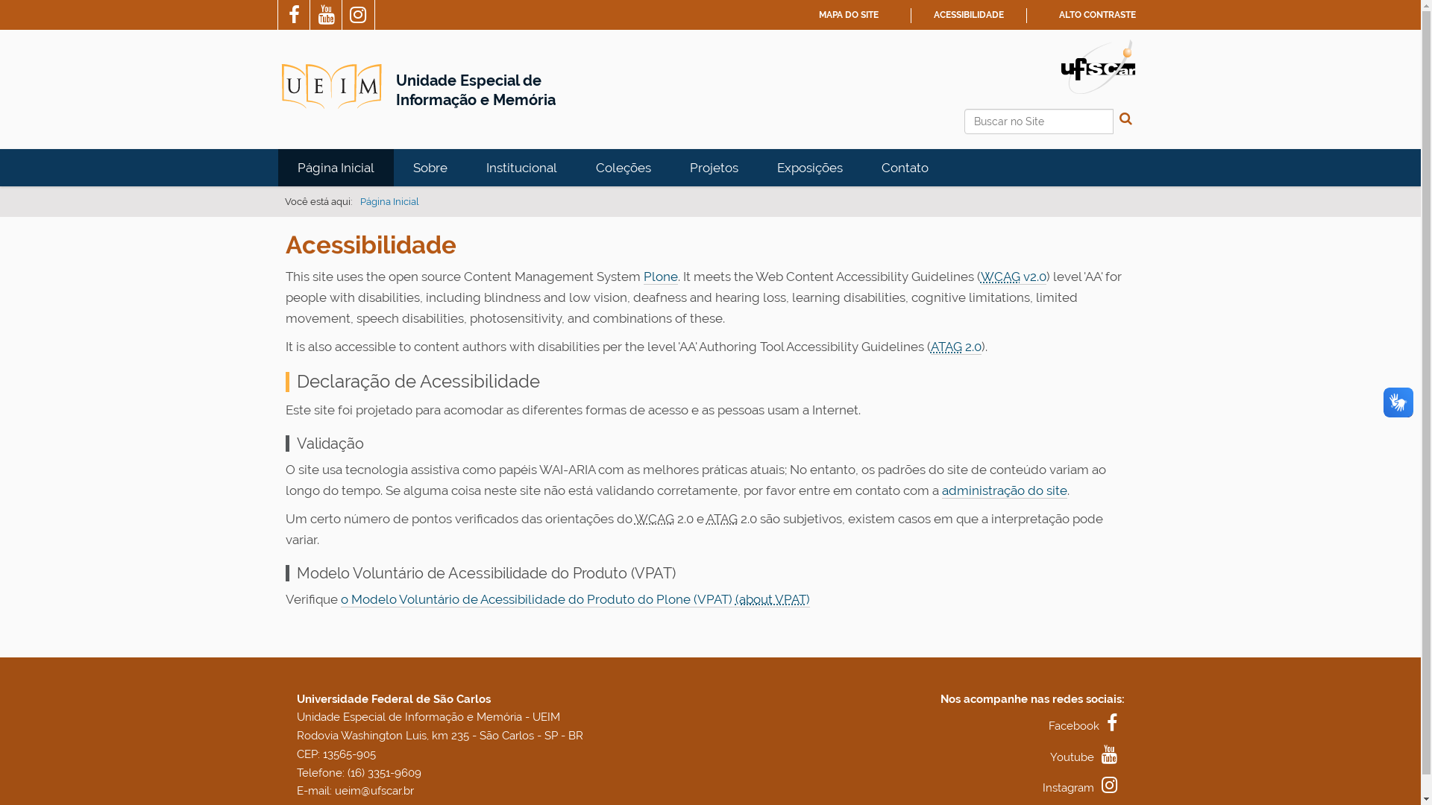 The height and width of the screenshot is (805, 1432). Describe the element at coordinates (659, 277) in the screenshot. I see `'Plone'` at that location.